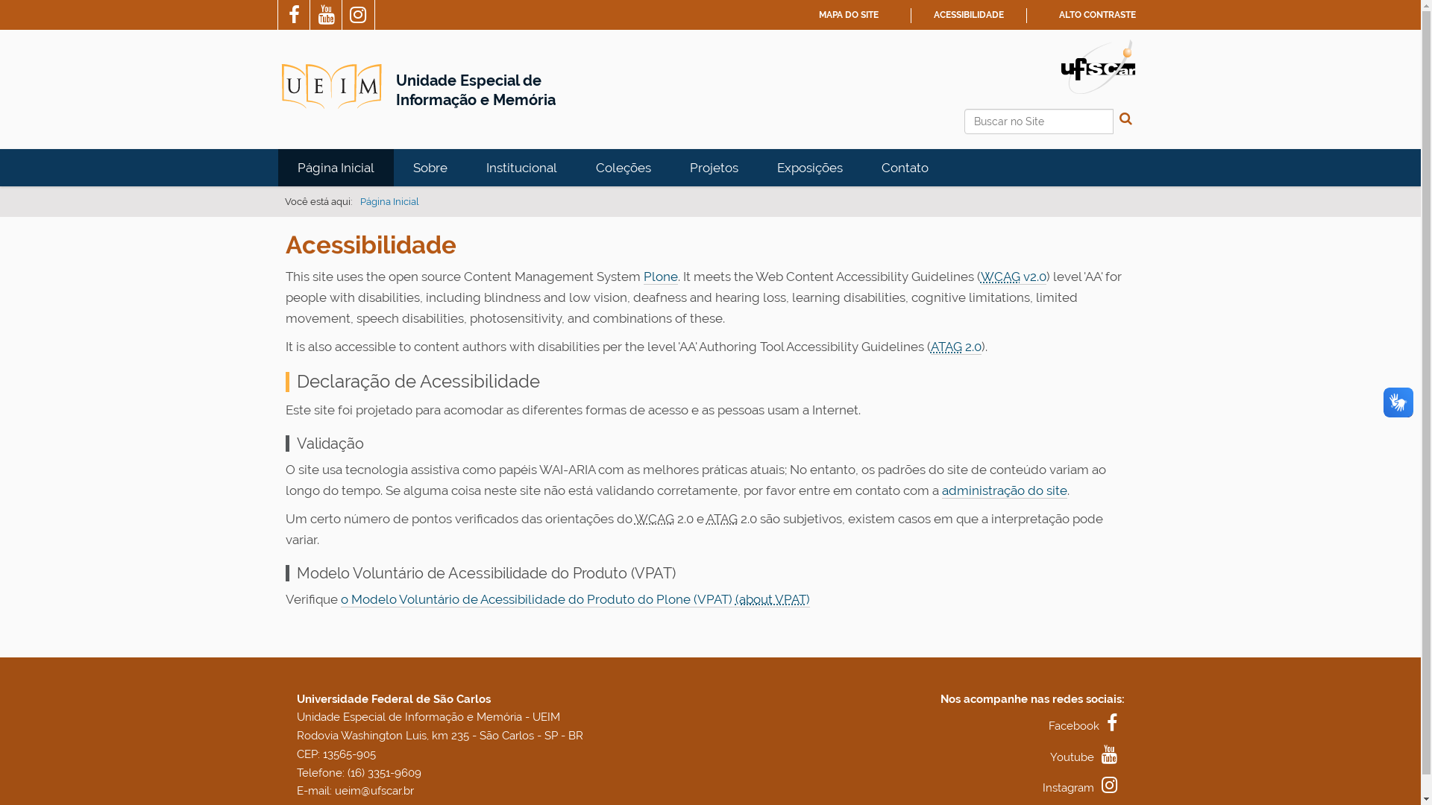 The height and width of the screenshot is (805, 1432). Describe the element at coordinates (659, 277) in the screenshot. I see `'Plone'` at that location.